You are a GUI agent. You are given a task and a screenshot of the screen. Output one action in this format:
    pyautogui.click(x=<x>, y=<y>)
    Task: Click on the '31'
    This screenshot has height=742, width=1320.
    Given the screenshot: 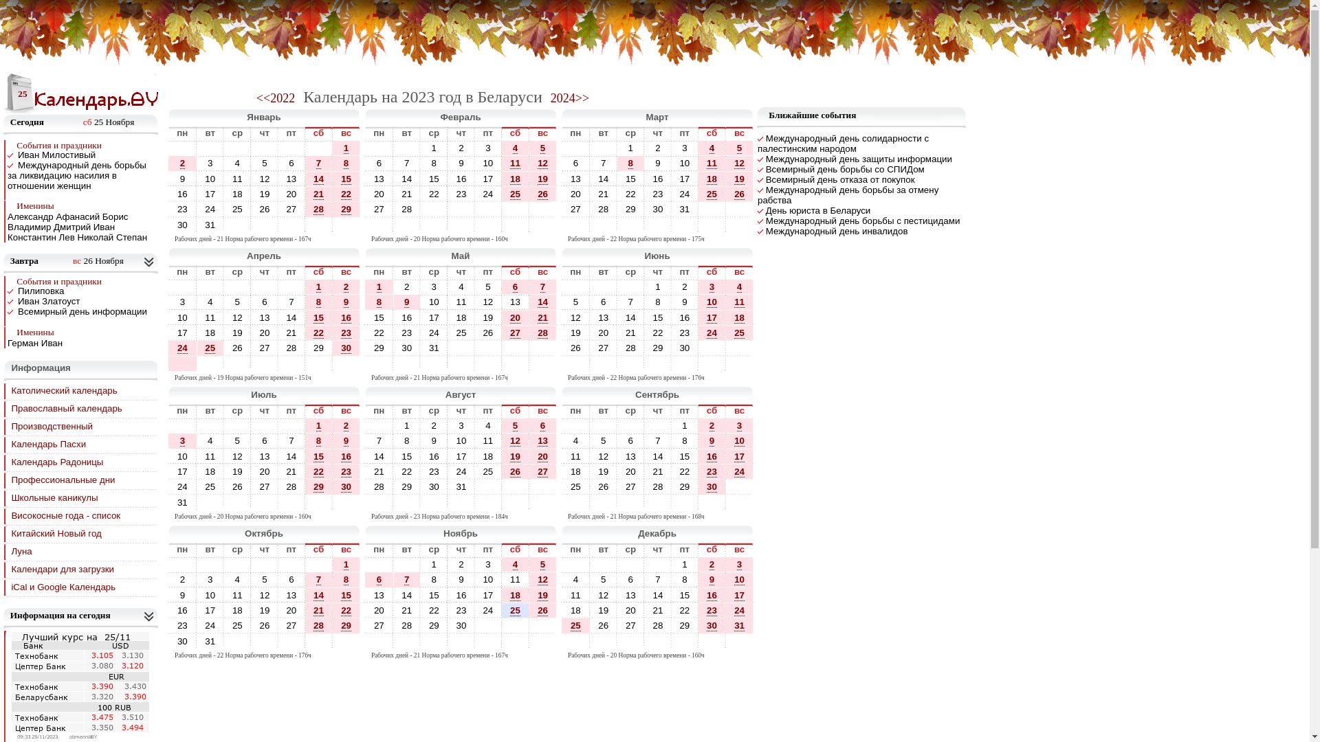 What is the action you would take?
    pyautogui.click(x=738, y=625)
    